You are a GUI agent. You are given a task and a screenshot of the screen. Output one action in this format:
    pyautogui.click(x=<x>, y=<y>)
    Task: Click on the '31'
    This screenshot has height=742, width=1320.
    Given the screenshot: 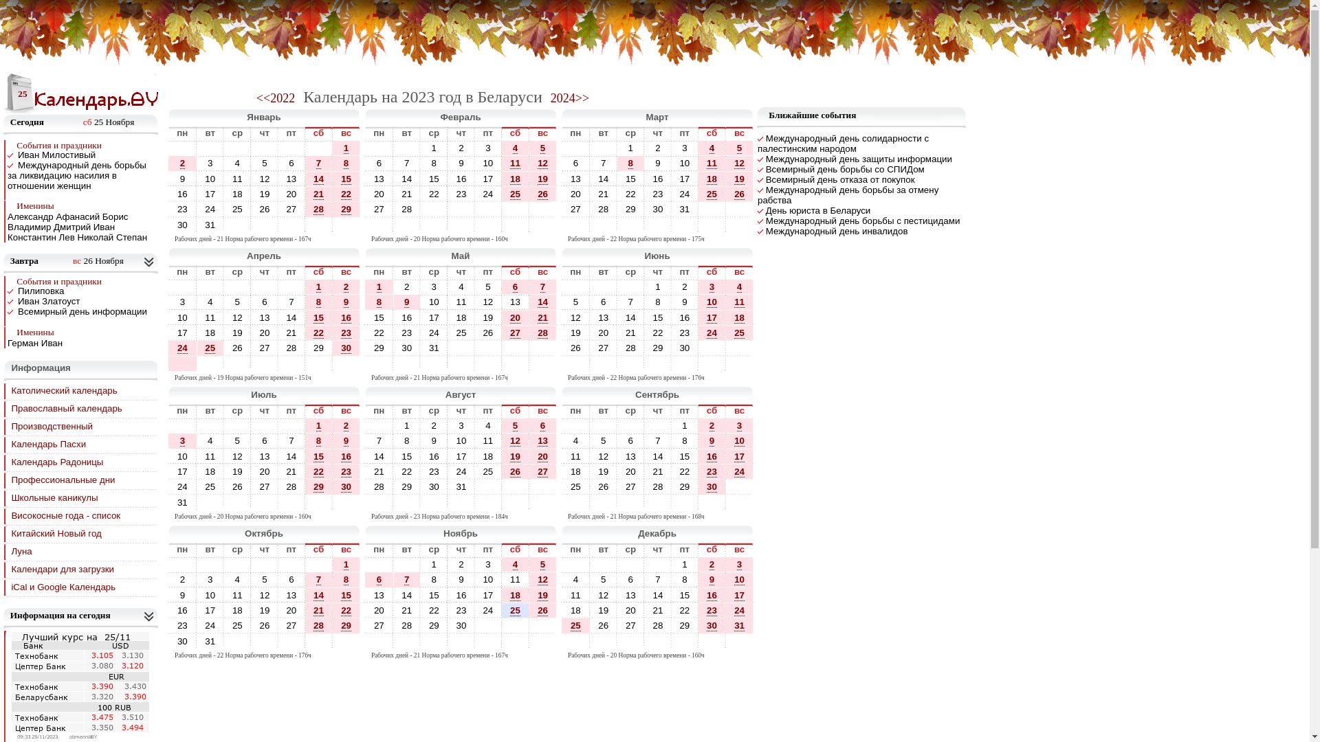 What is the action you would take?
    pyautogui.click(x=738, y=625)
    